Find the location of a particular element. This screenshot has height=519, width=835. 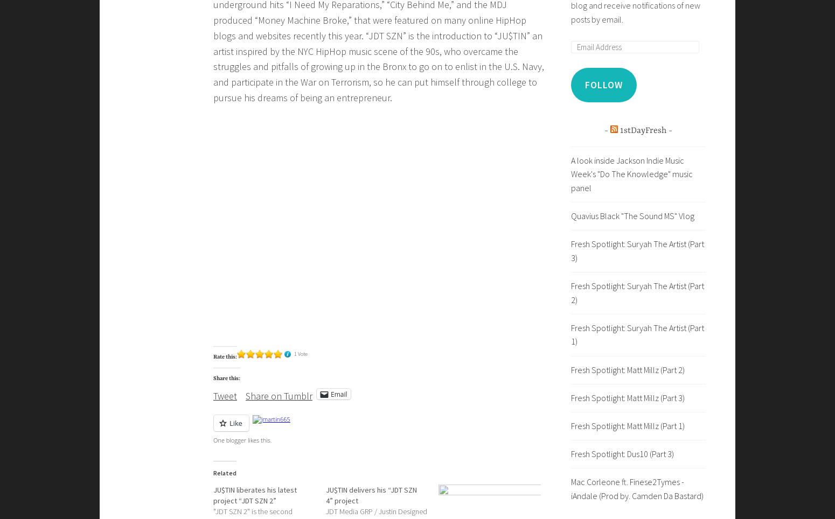

'Fresh Spotlight: Suryah The Artist (Part 1)' is located at coordinates (637, 334).